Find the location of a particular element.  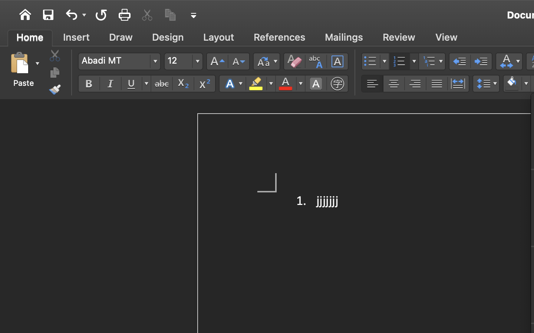

'Abadi MT' is located at coordinates (119, 61).